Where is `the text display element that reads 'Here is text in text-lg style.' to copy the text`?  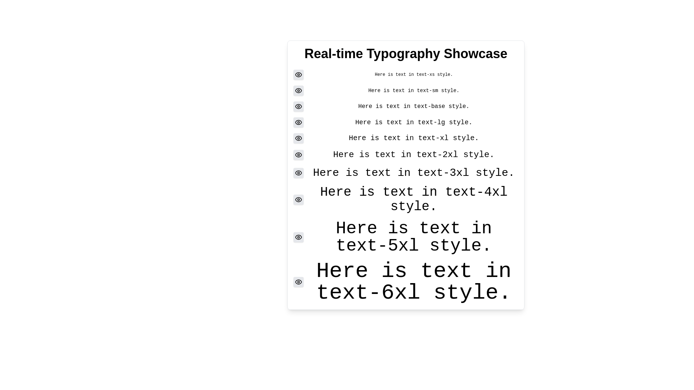
the text display element that reads 'Here is text in text-lg style.' to copy the text is located at coordinates (414, 122).